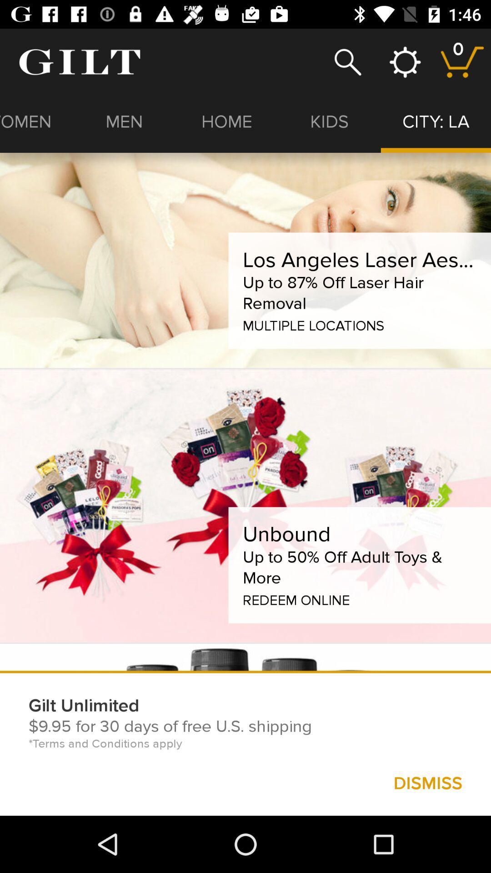  Describe the element at coordinates (462, 61) in the screenshot. I see `cart` at that location.